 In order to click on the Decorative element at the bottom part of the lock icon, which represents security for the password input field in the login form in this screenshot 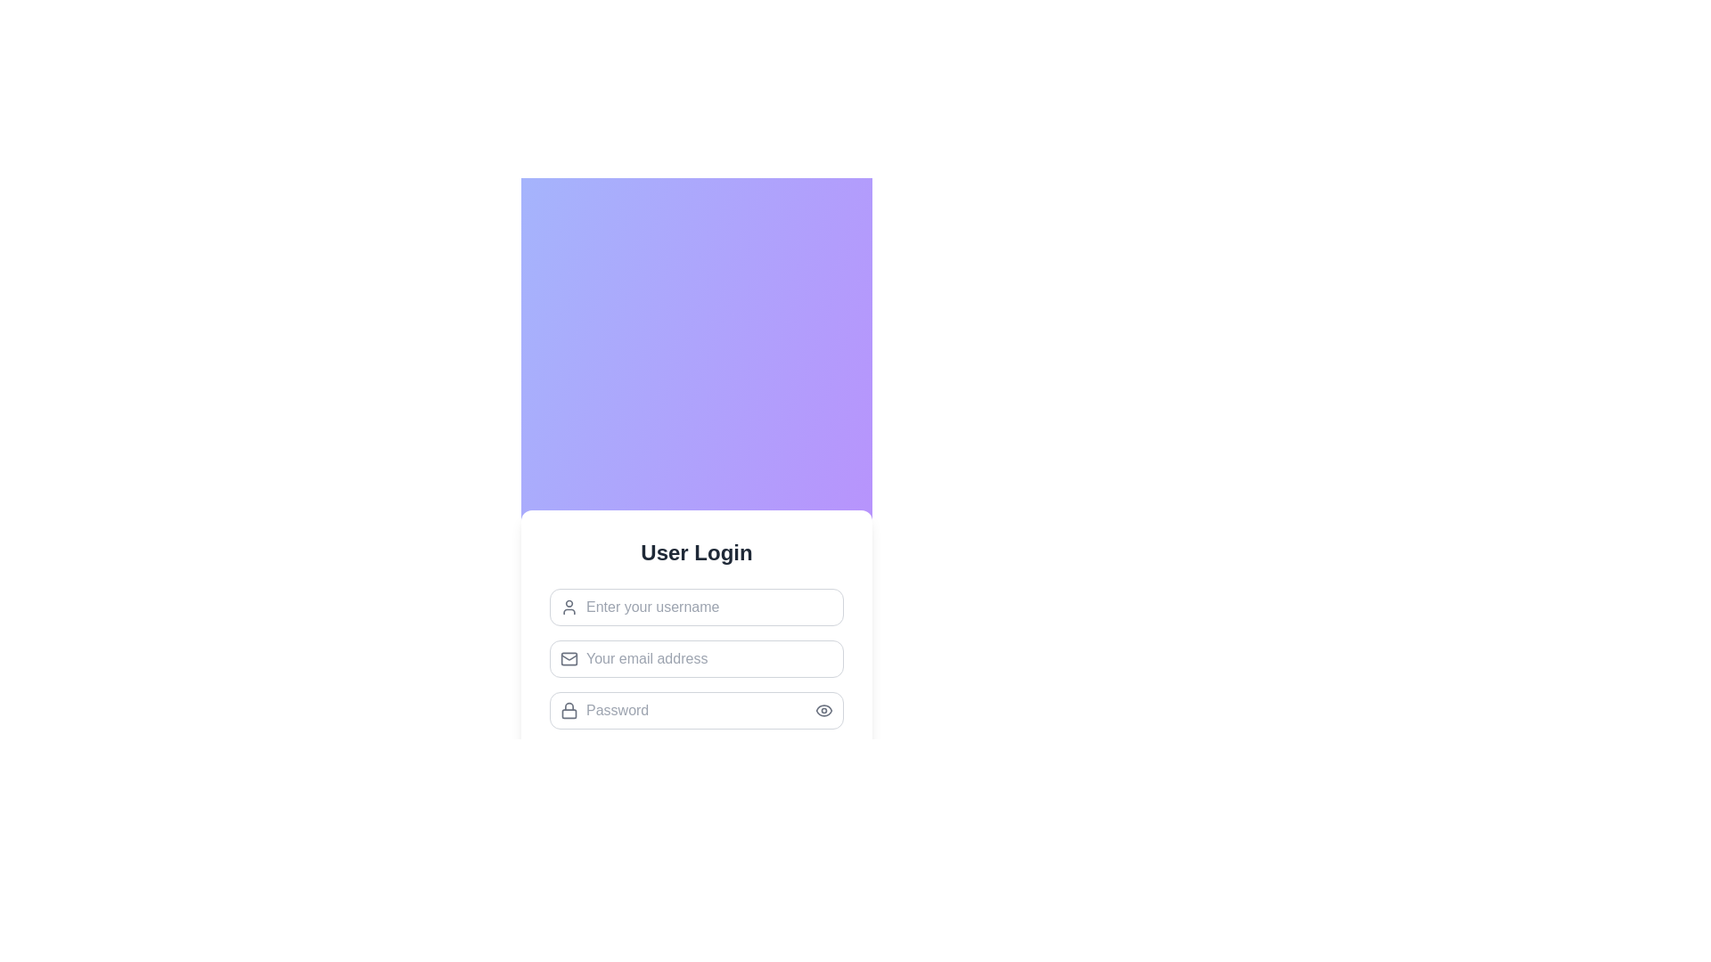, I will do `click(568, 713)`.